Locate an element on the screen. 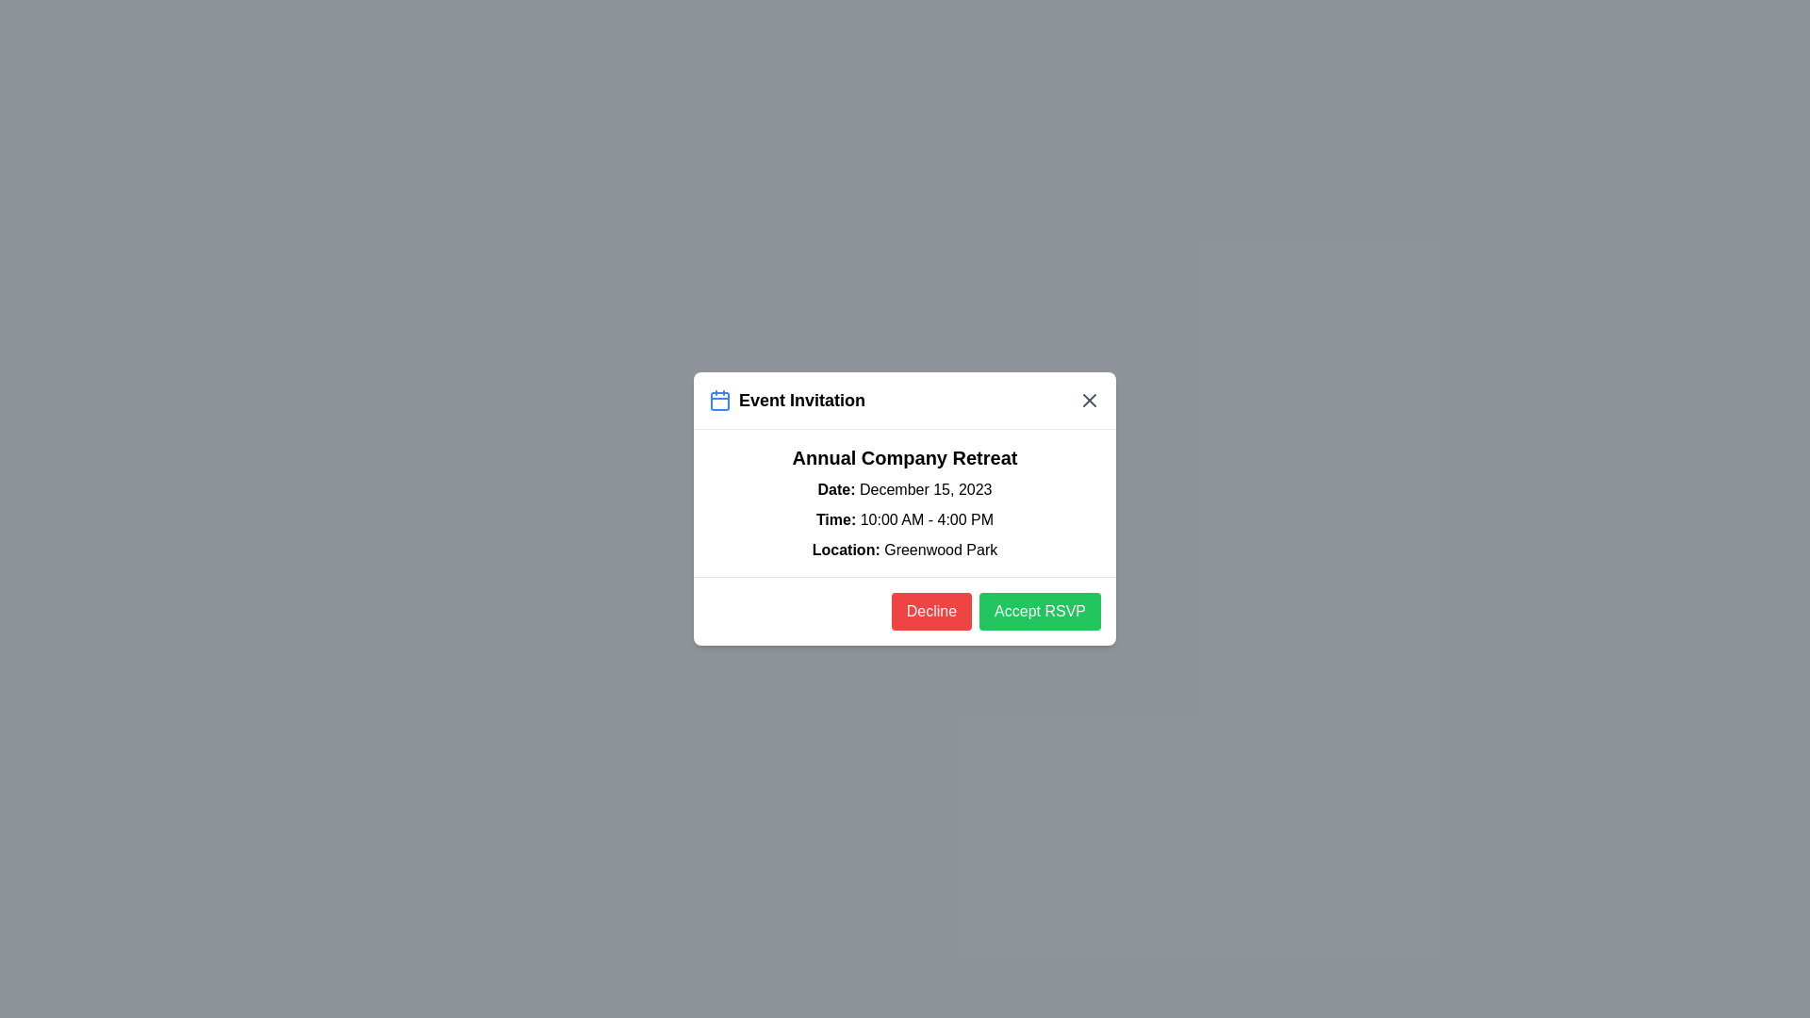  the blue calendar icon with a square outline located to the left of the 'Event Invitation' heading in the dialog box is located at coordinates (718, 399).